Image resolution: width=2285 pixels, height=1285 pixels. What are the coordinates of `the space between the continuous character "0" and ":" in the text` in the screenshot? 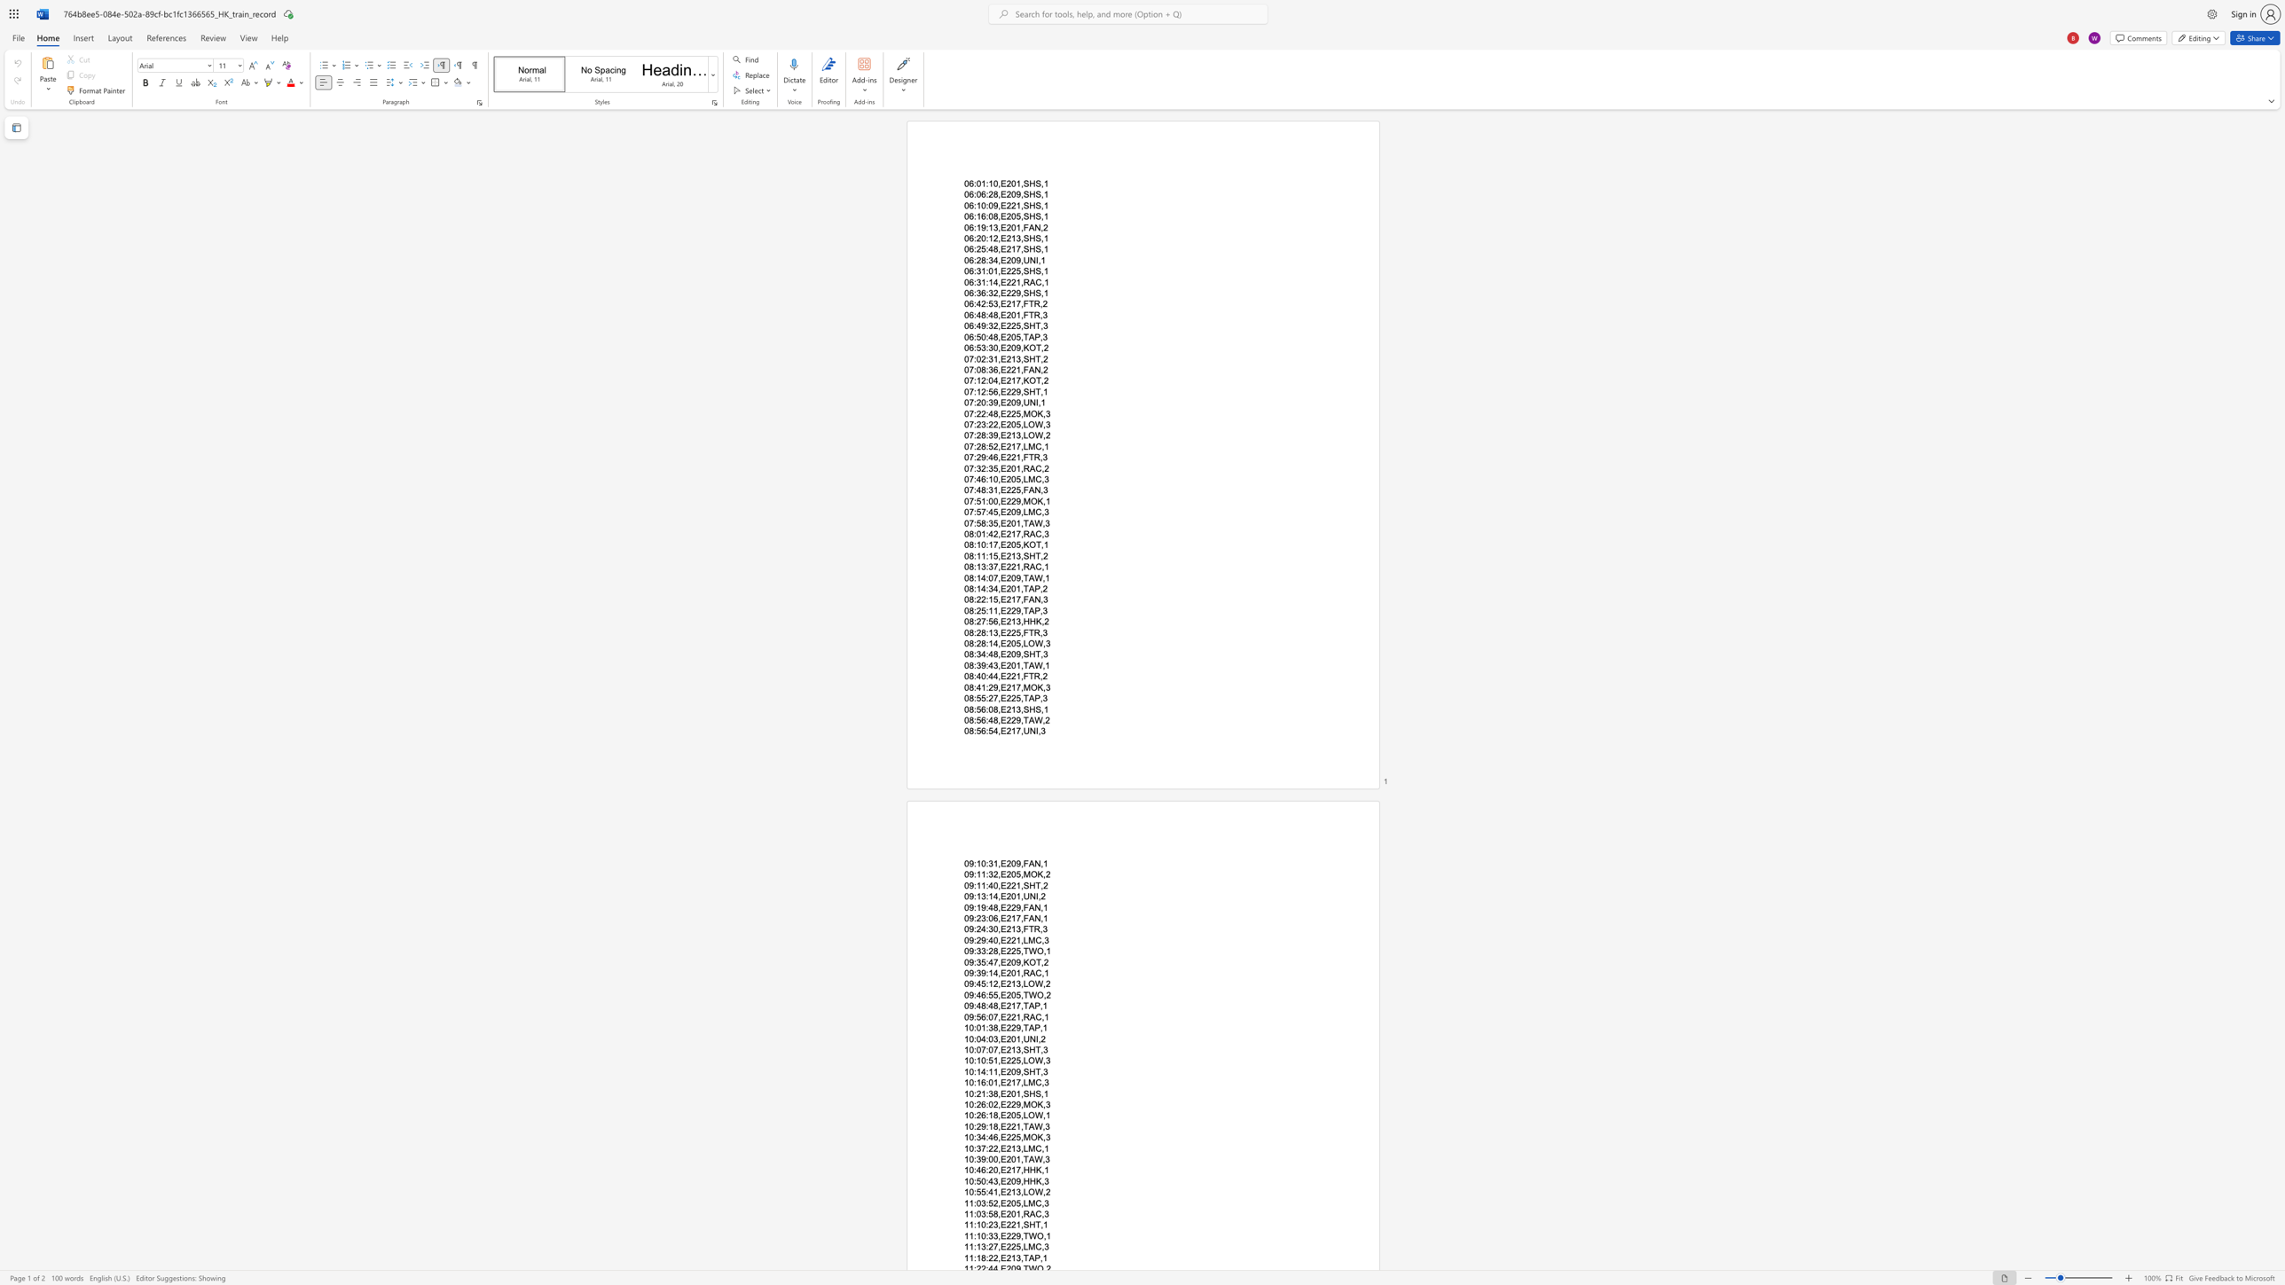 It's located at (972, 1148).